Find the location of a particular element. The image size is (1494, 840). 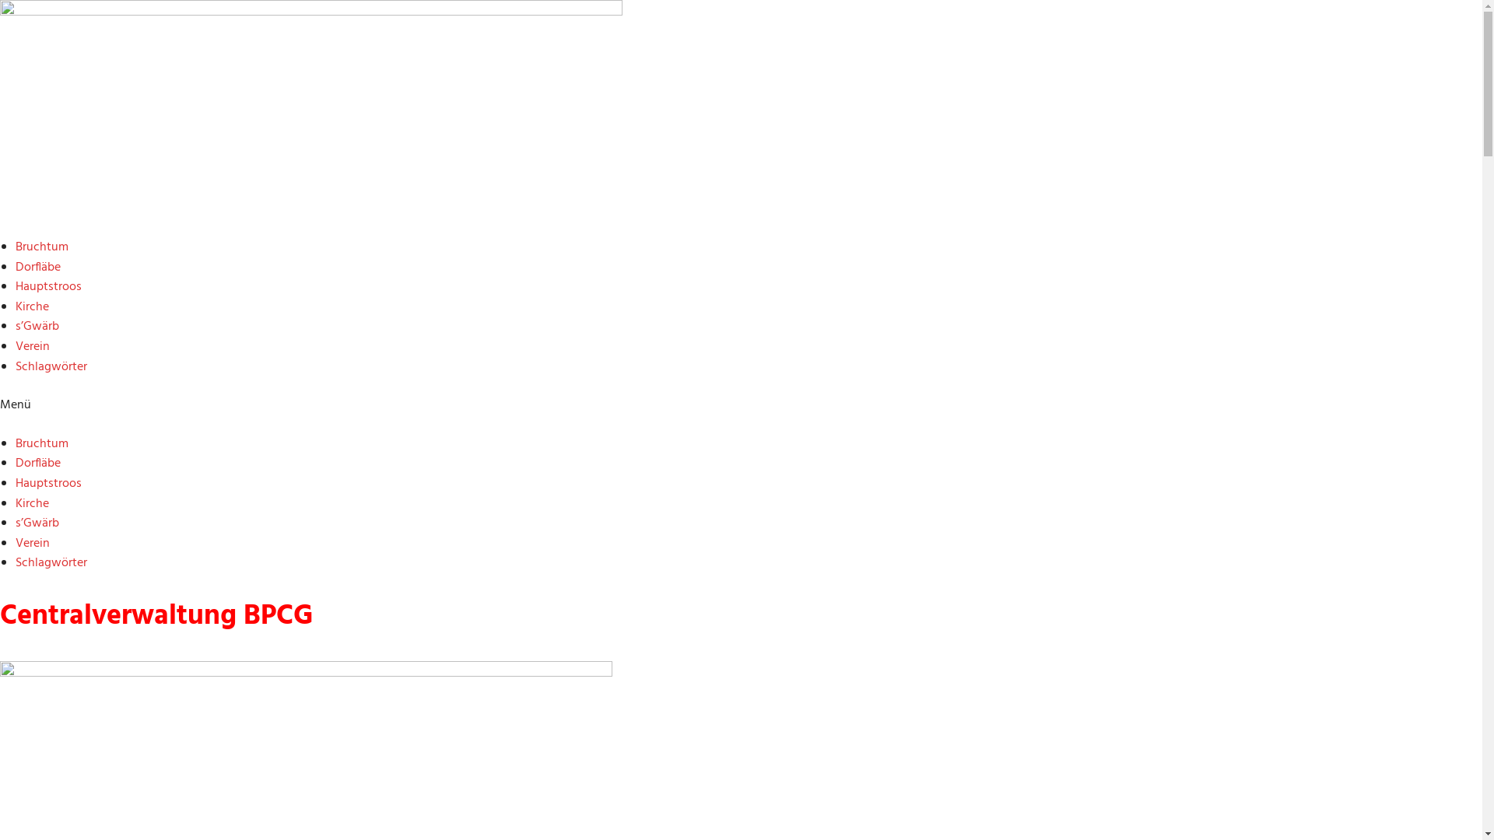

'Kirche' is located at coordinates (32, 504).